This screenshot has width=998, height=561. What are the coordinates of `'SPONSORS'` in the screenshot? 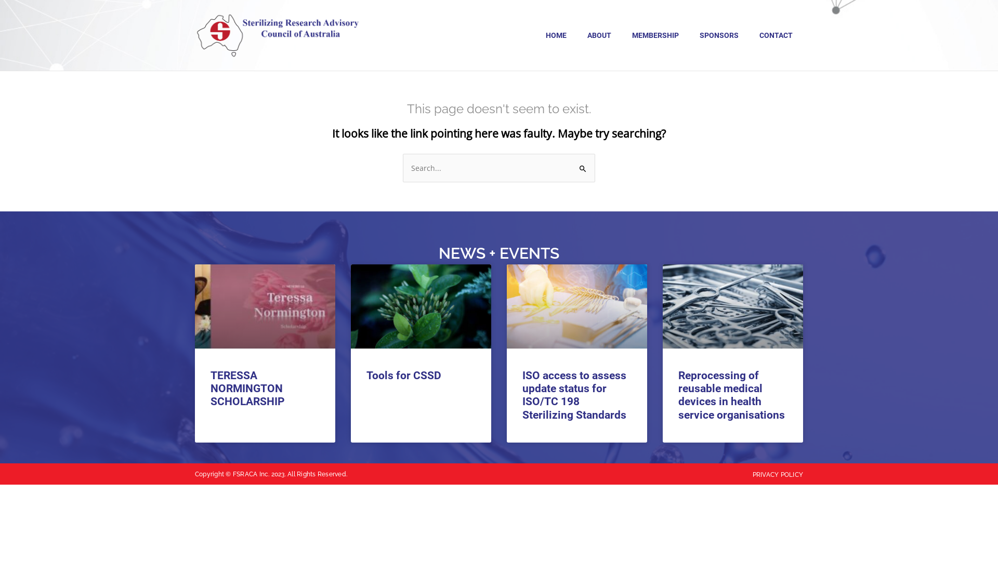 It's located at (718, 35).